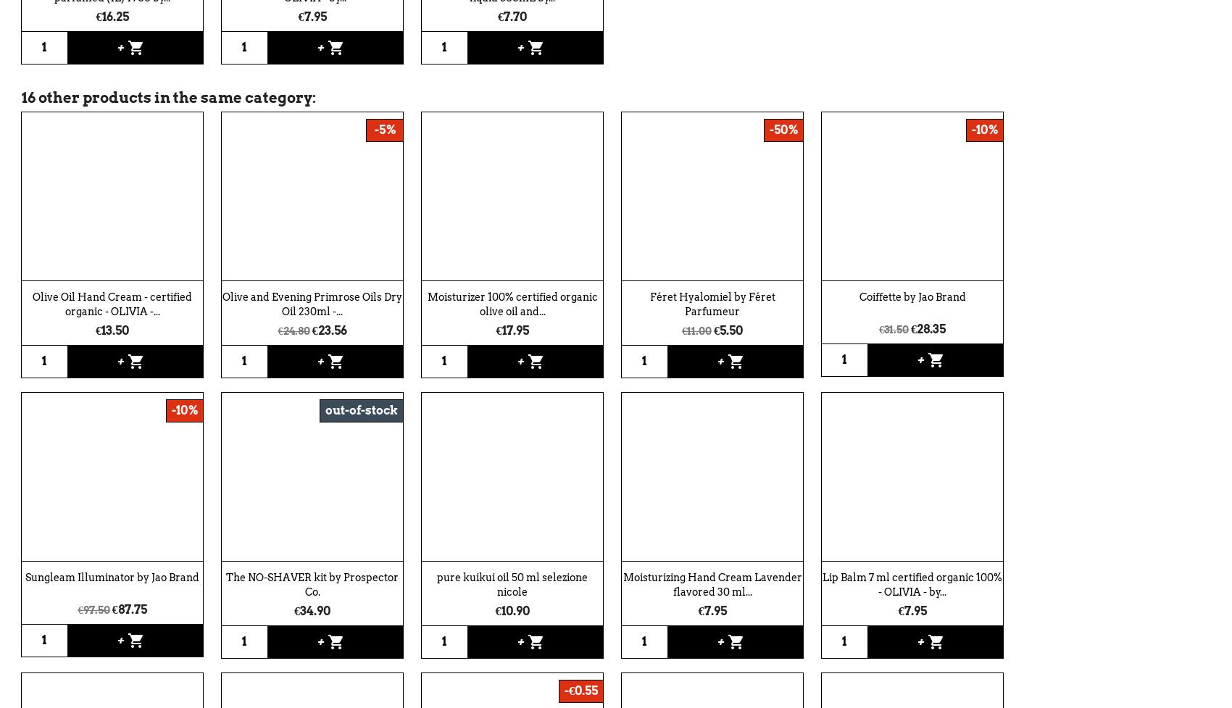  What do you see at coordinates (912, 584) in the screenshot?
I see `'Lip Balm 7 ml certified organic 100% - OLIVIA - by...'` at bounding box center [912, 584].